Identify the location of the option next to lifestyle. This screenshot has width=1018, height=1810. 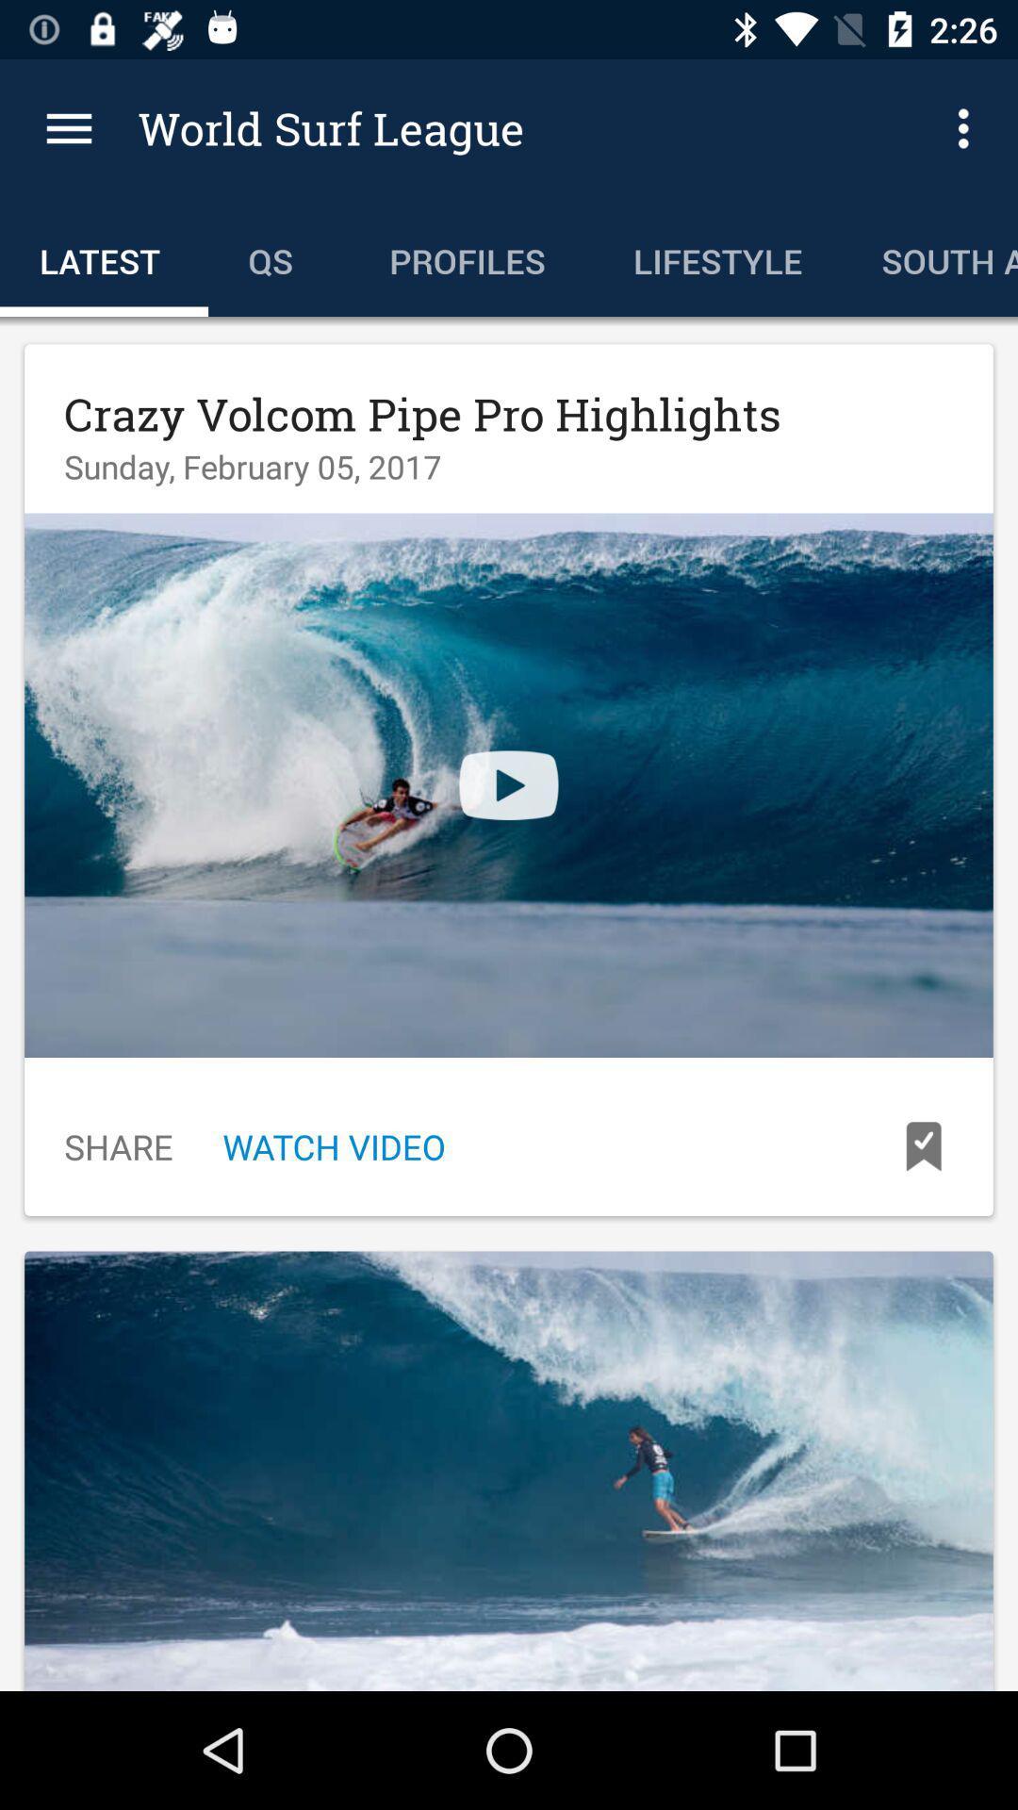
(928, 256).